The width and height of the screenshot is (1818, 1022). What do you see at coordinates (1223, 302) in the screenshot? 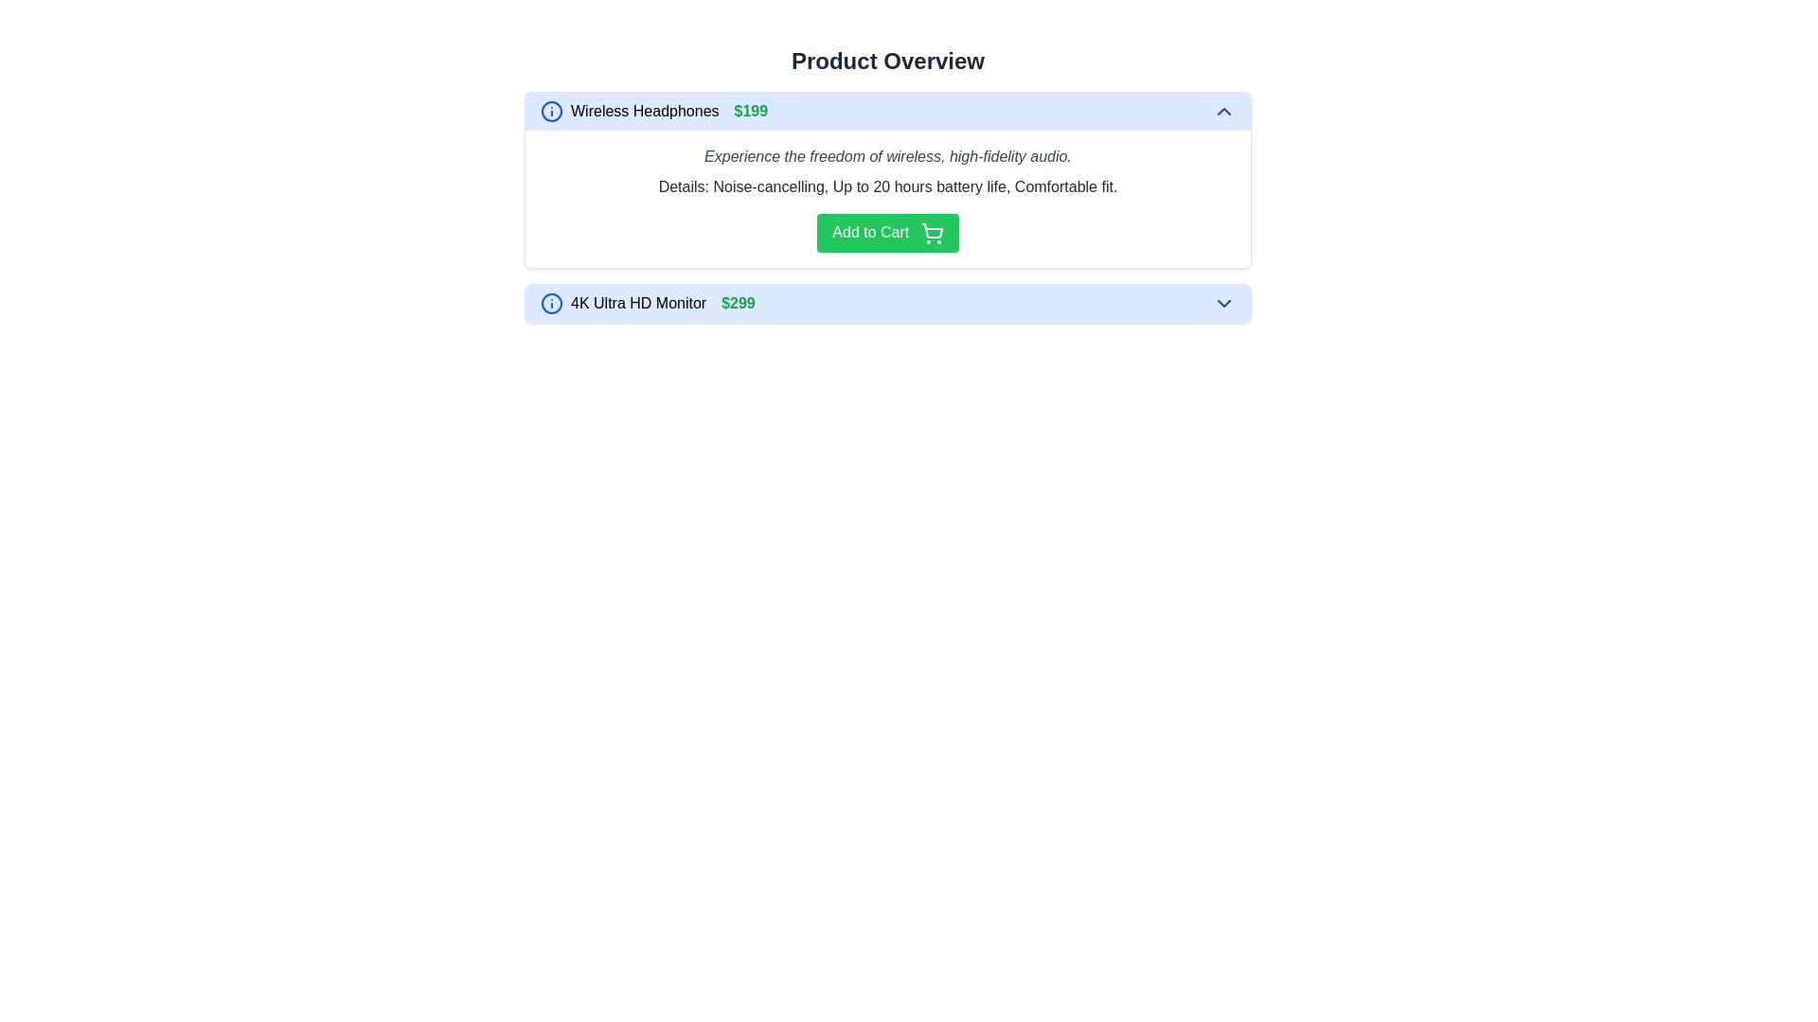
I see `the collapsible icon located at the far-right end of the product entry box containing '4K Ultra HD Monitor $299'` at bounding box center [1223, 302].